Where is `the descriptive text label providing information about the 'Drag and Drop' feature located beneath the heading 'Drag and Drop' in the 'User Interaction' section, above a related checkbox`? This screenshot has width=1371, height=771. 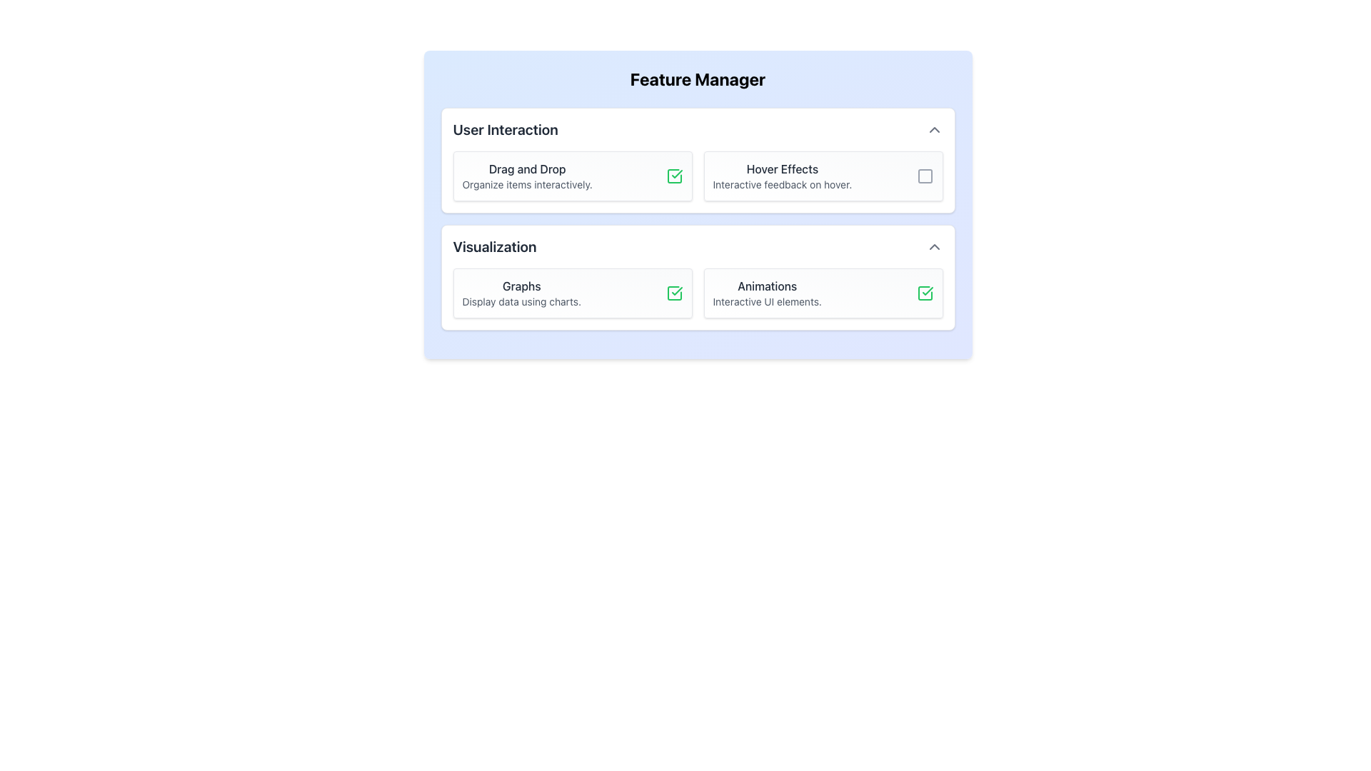 the descriptive text label providing information about the 'Drag and Drop' feature located beneath the heading 'Drag and Drop' in the 'User Interaction' section, above a related checkbox is located at coordinates (526, 183).